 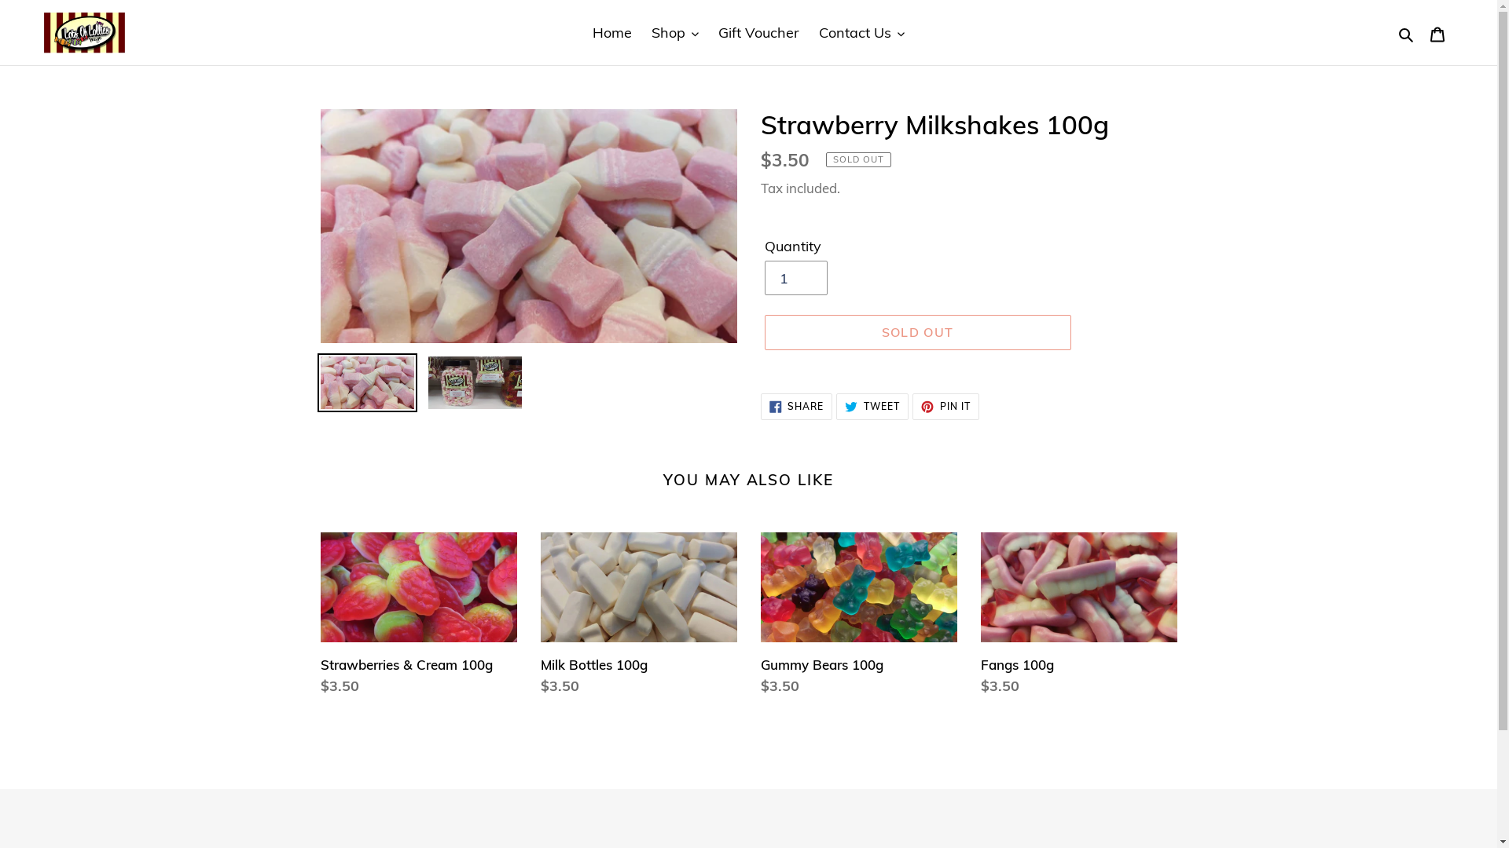 What do you see at coordinates (418, 616) in the screenshot?
I see `'Strawberries & Cream 100g'` at bounding box center [418, 616].